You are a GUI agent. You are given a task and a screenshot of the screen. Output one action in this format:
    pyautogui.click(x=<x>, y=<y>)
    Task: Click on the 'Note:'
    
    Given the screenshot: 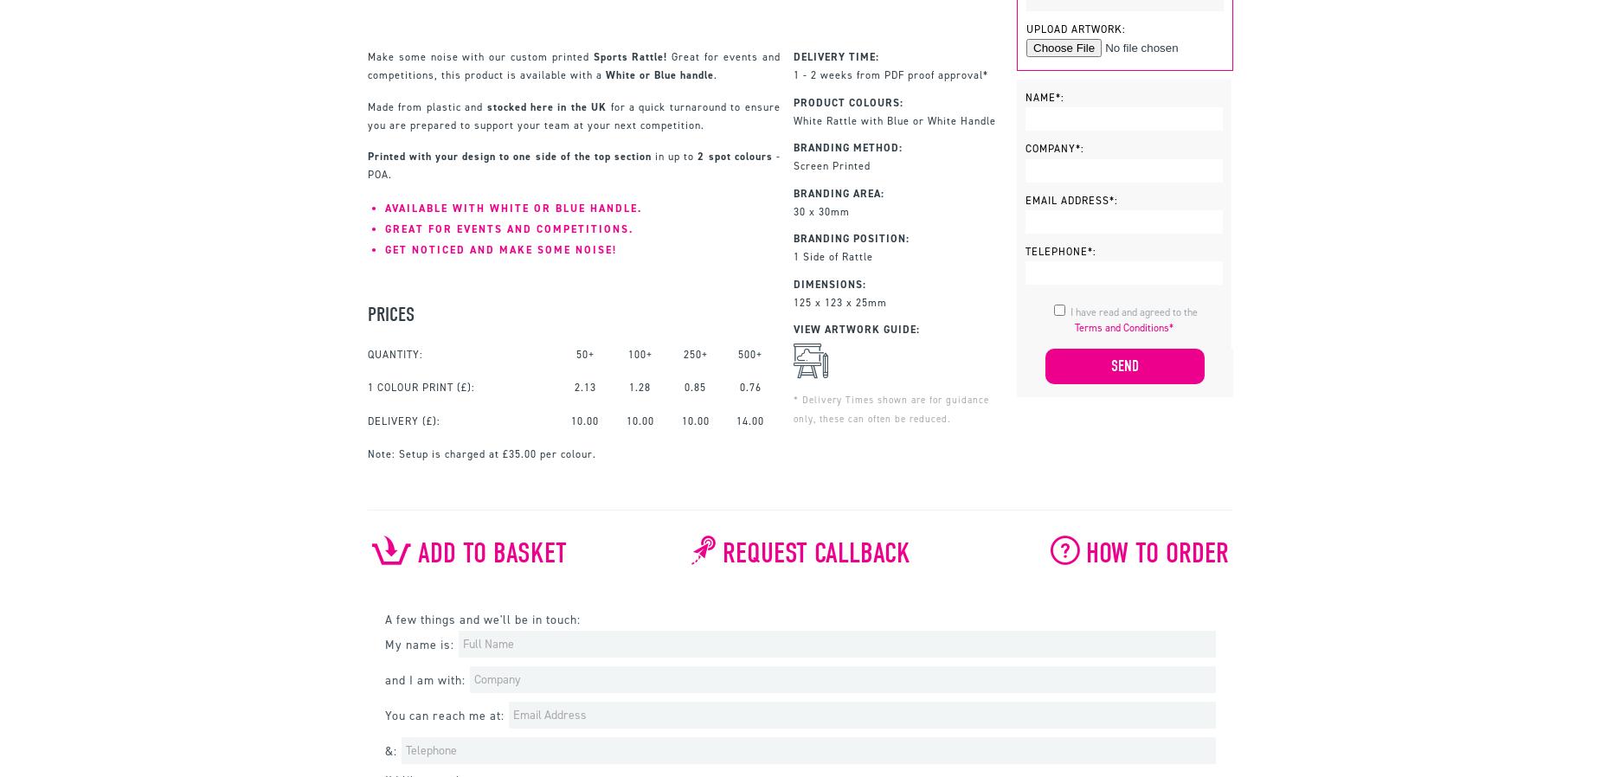 What is the action you would take?
    pyautogui.click(x=381, y=452)
    